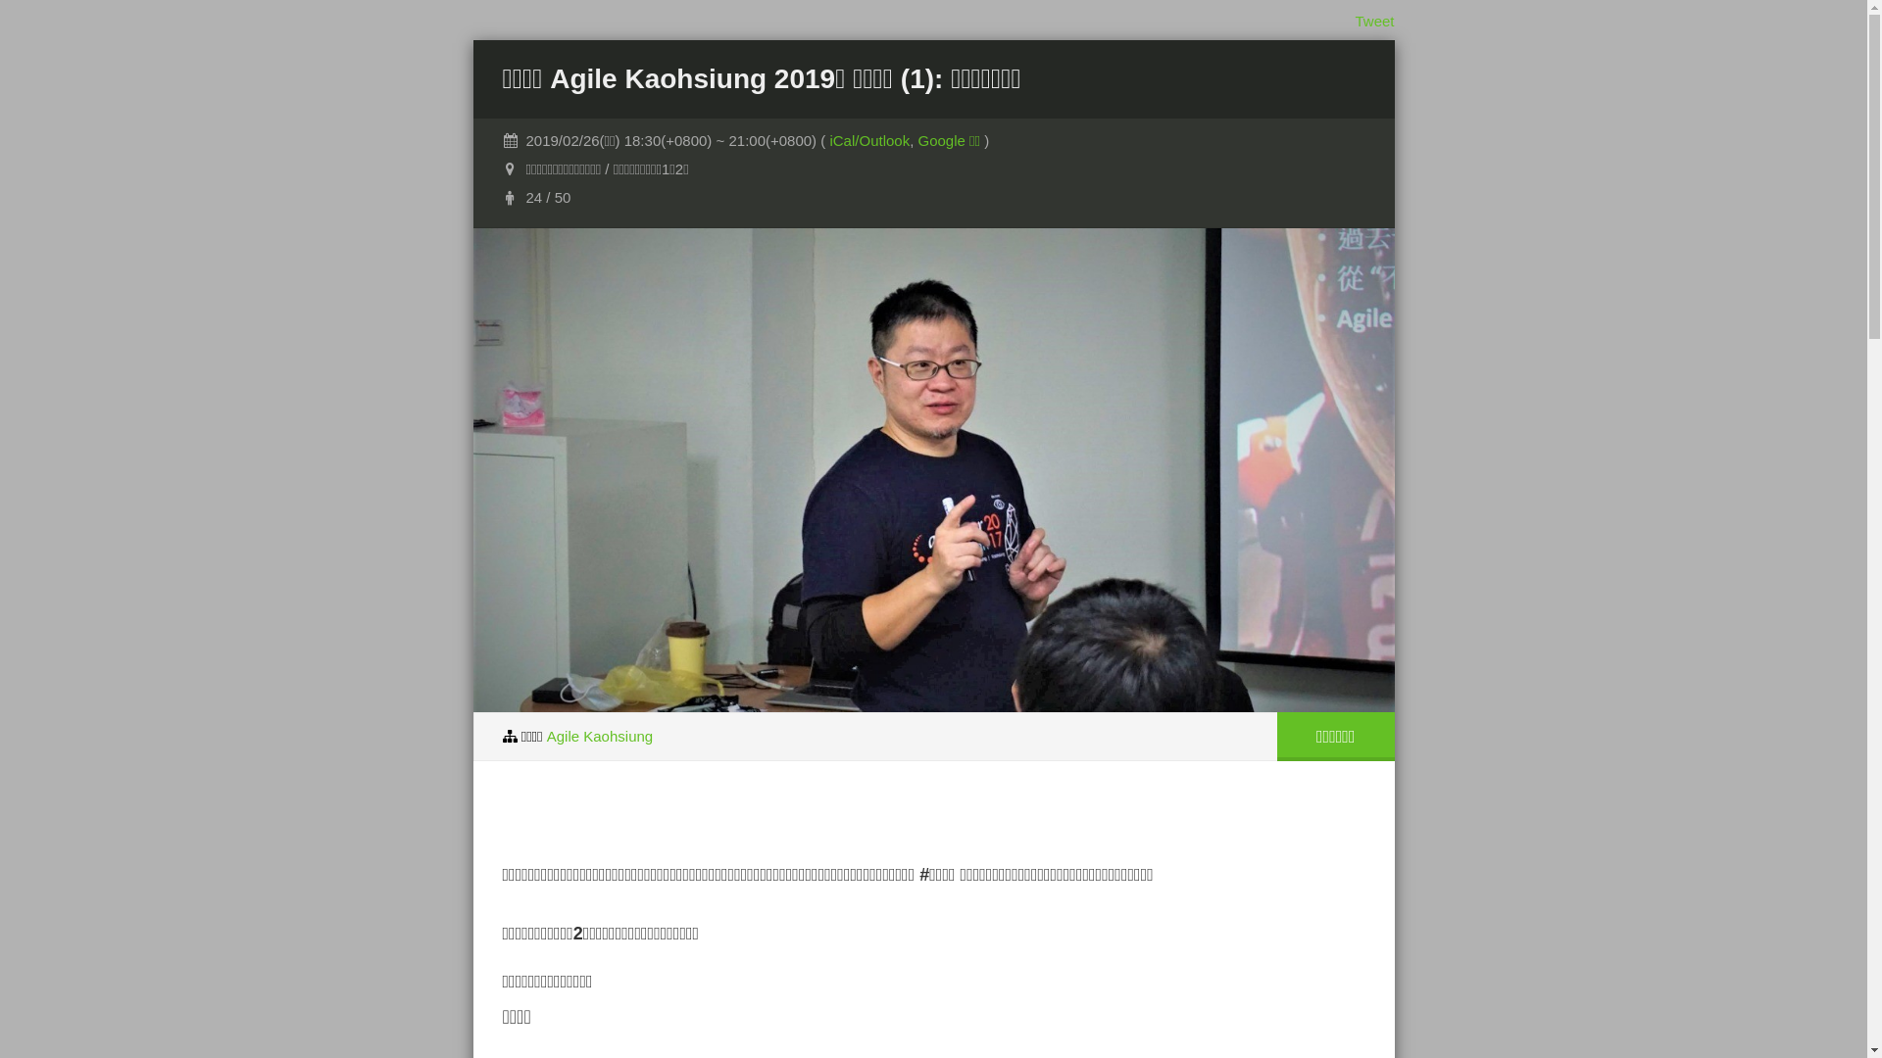  What do you see at coordinates (868, 139) in the screenshot?
I see `'iCal/Outlook'` at bounding box center [868, 139].